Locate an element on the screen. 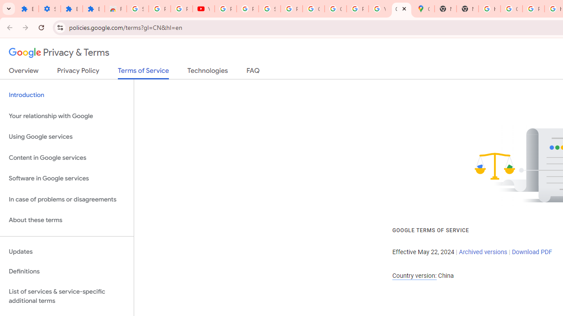  'Google Account' is located at coordinates (313, 9).